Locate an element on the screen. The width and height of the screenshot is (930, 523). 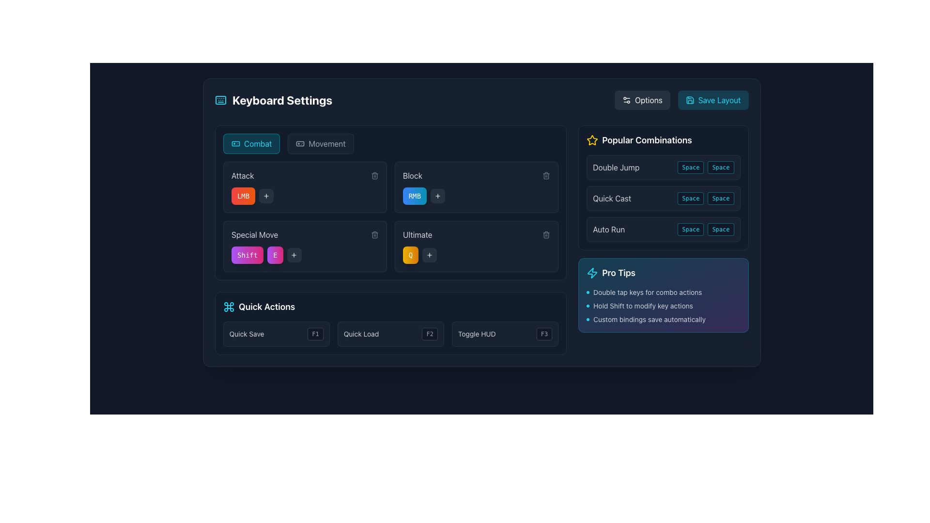
the delete icon button located on the right side of the 'Attack' section within the 'Keyboard Settings' interface to invoke the delete action is located at coordinates (374, 175).